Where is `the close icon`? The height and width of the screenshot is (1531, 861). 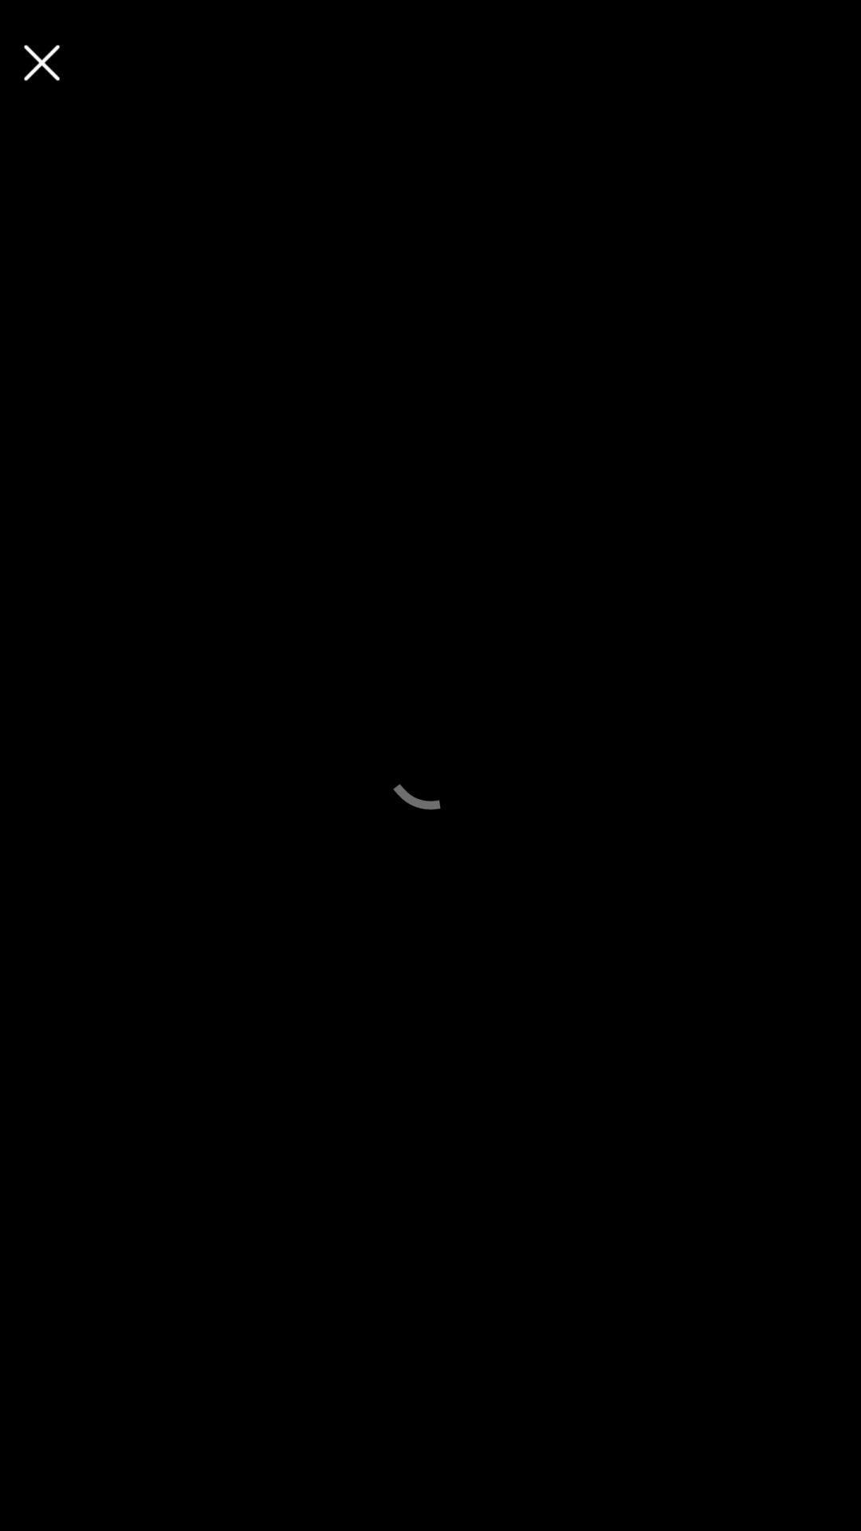
the close icon is located at coordinates (41, 62).